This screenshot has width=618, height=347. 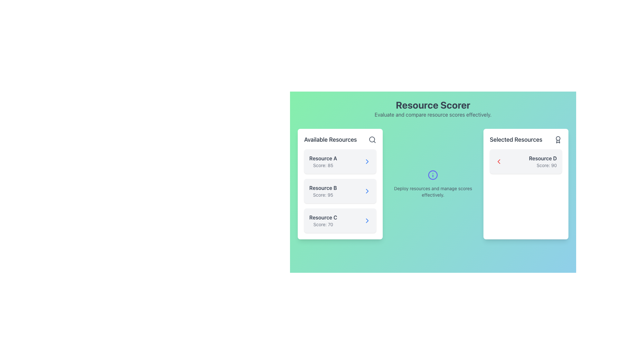 I want to click on score value displayed in the Text Label showing '70' for the resource labeled 'Resource C' in the 'Available Resources' section, so click(x=323, y=224).